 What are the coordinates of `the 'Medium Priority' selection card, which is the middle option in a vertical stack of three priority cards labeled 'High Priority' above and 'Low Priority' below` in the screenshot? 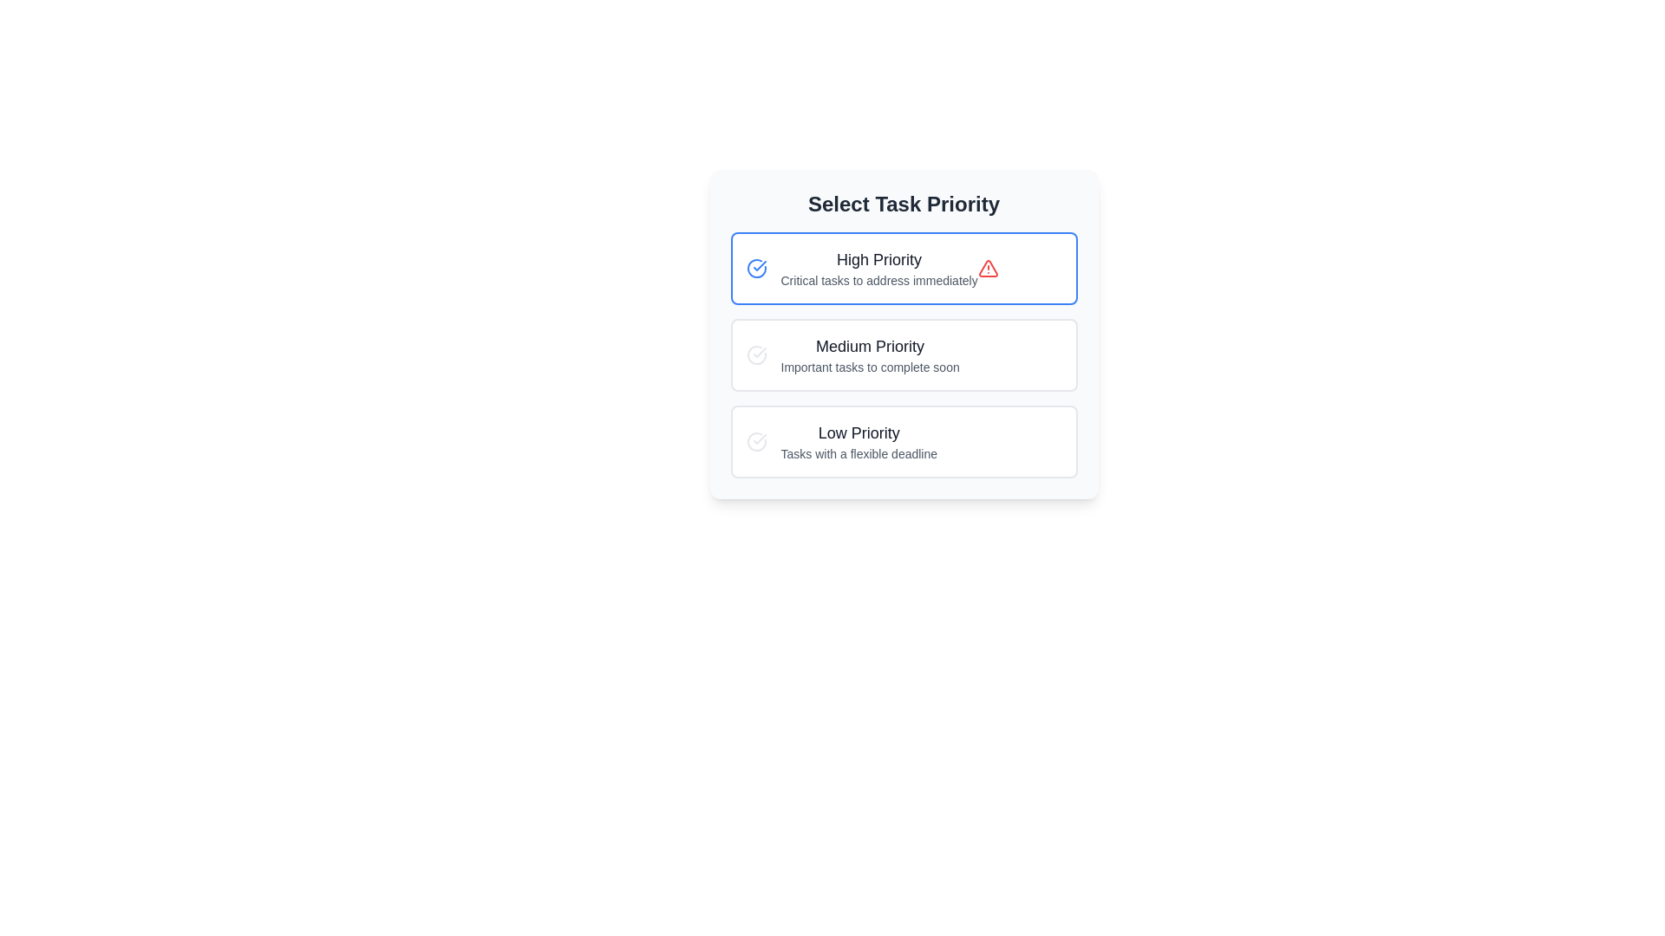 It's located at (903, 354).